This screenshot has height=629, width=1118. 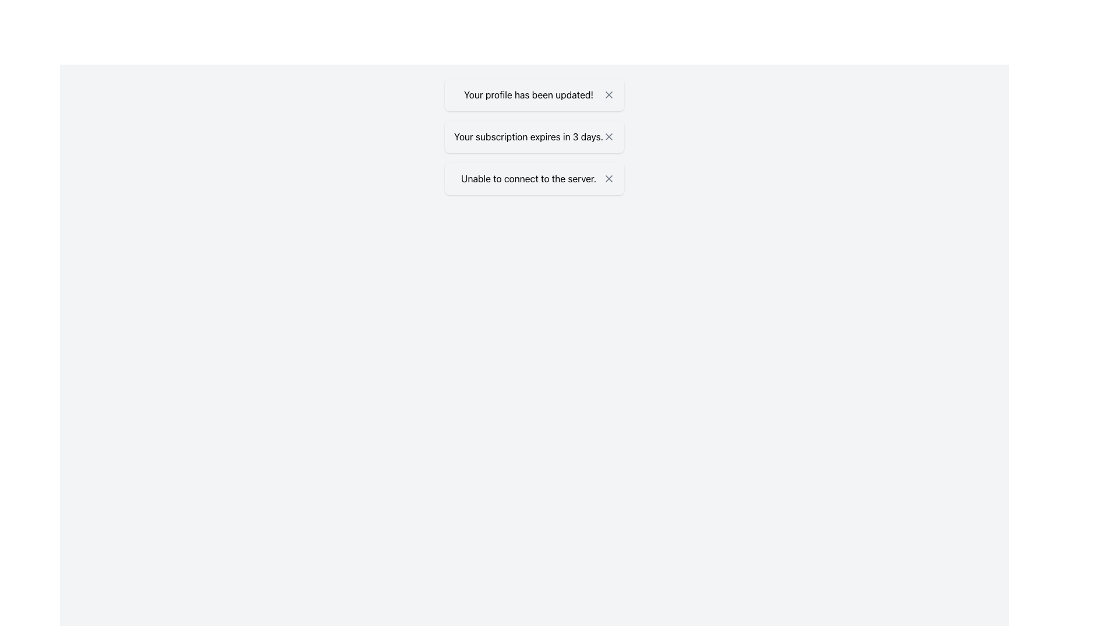 I want to click on the 'X' close button icon in the upper-right corner of the notification card, so click(x=608, y=179).